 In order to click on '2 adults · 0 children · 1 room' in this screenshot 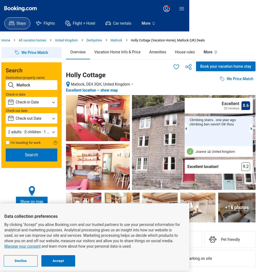, I will do `click(32, 132)`.